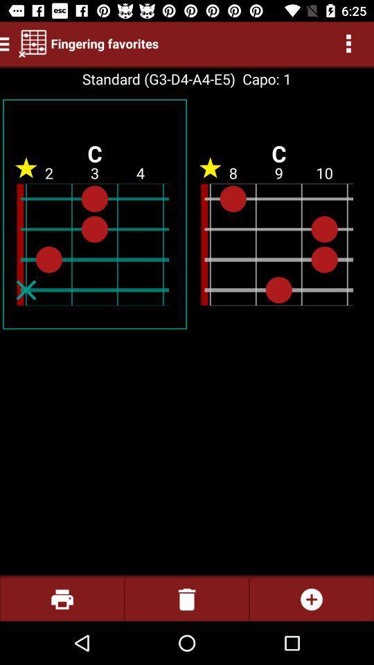  I want to click on the   capo: 1 icon, so click(263, 79).